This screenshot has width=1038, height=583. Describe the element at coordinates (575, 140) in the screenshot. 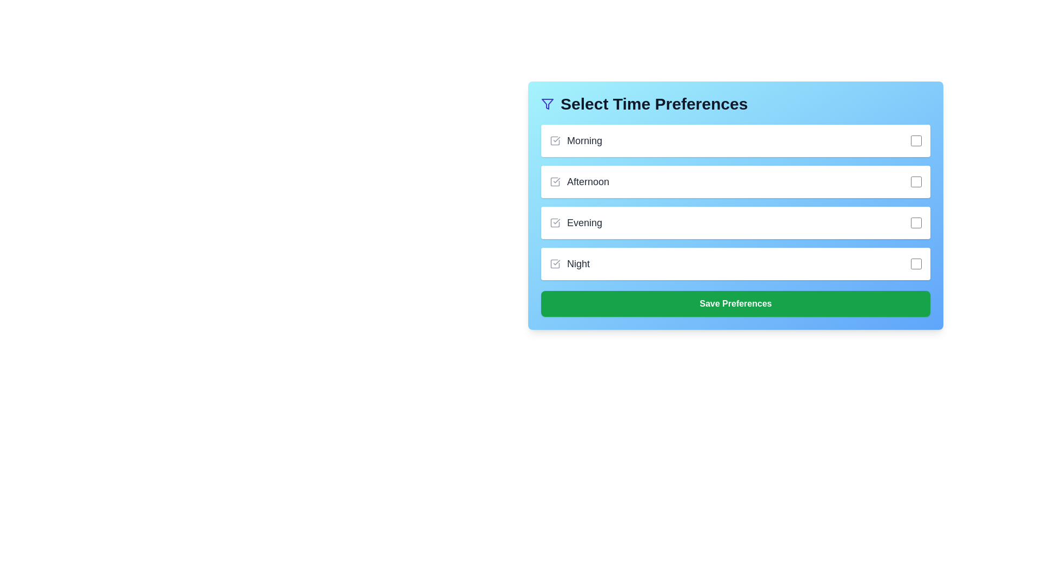

I see `the checkbox associated with the 'Morning' time preference label located in the first row of the time preferences list within a medium-sized card with a blue gradient background` at that location.